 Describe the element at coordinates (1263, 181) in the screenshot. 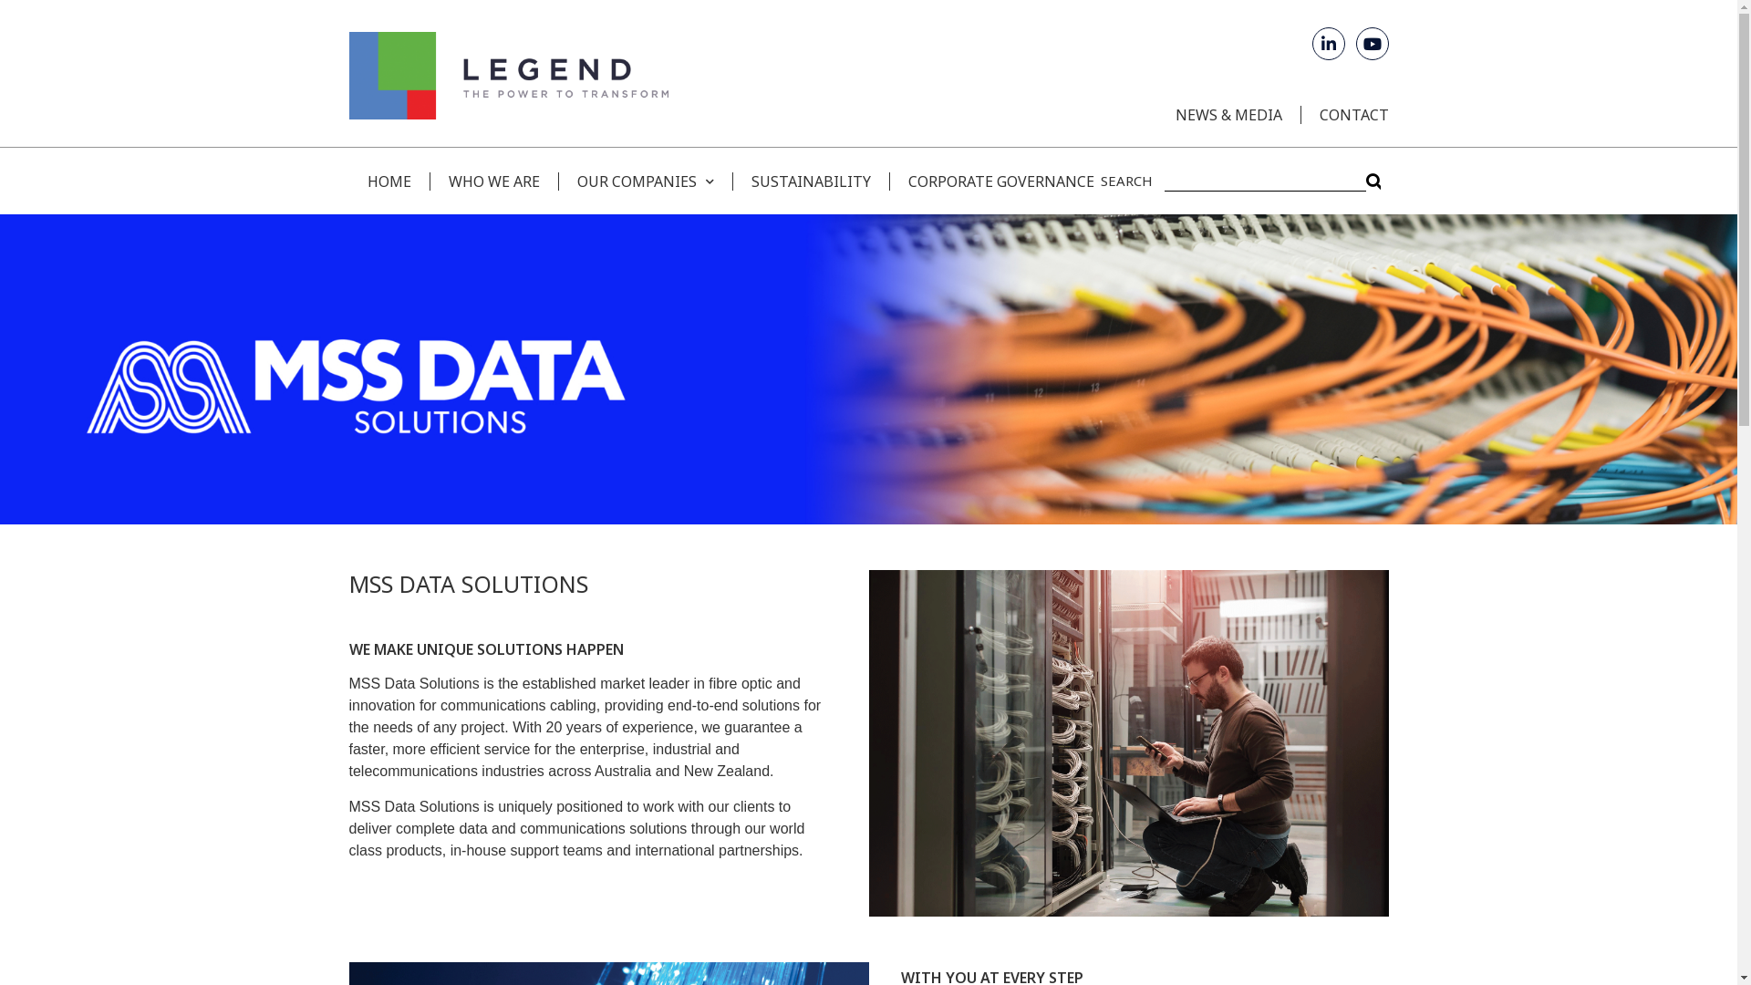

I see `'Search'` at that location.